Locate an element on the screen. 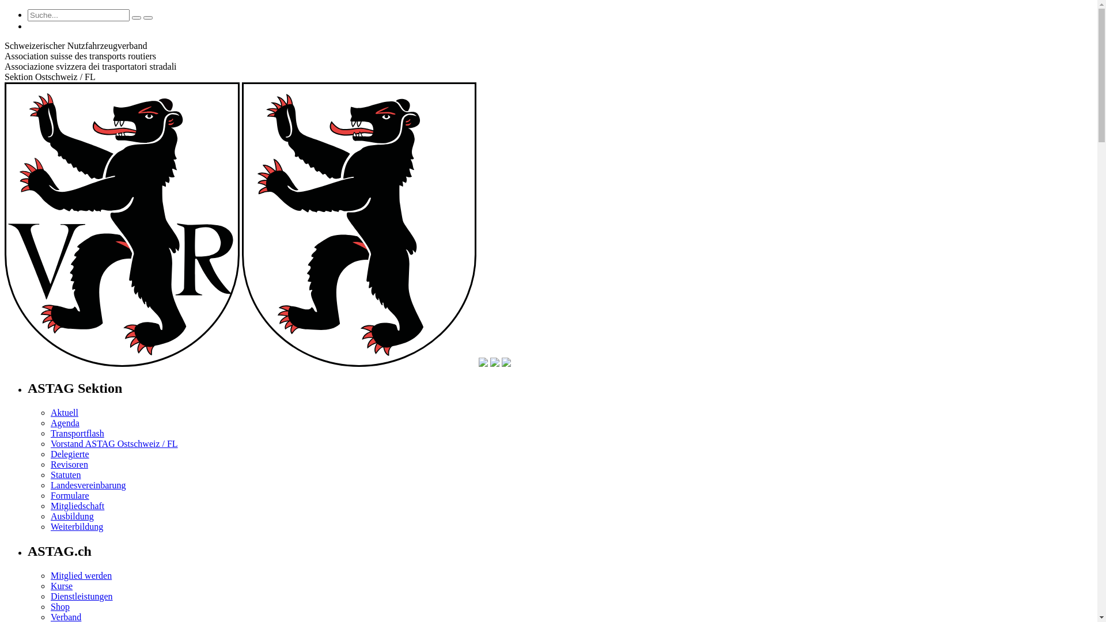 The width and height of the screenshot is (1106, 622). 'Shop' is located at coordinates (59, 606).